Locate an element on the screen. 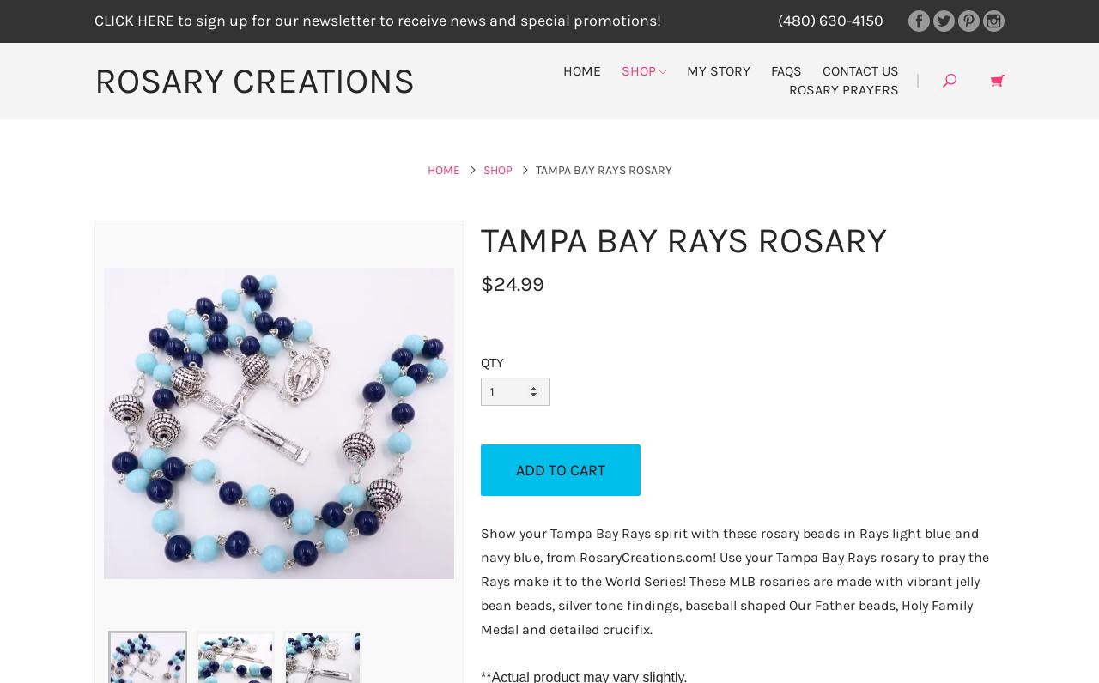  'Rosary Creations' is located at coordinates (253, 80).